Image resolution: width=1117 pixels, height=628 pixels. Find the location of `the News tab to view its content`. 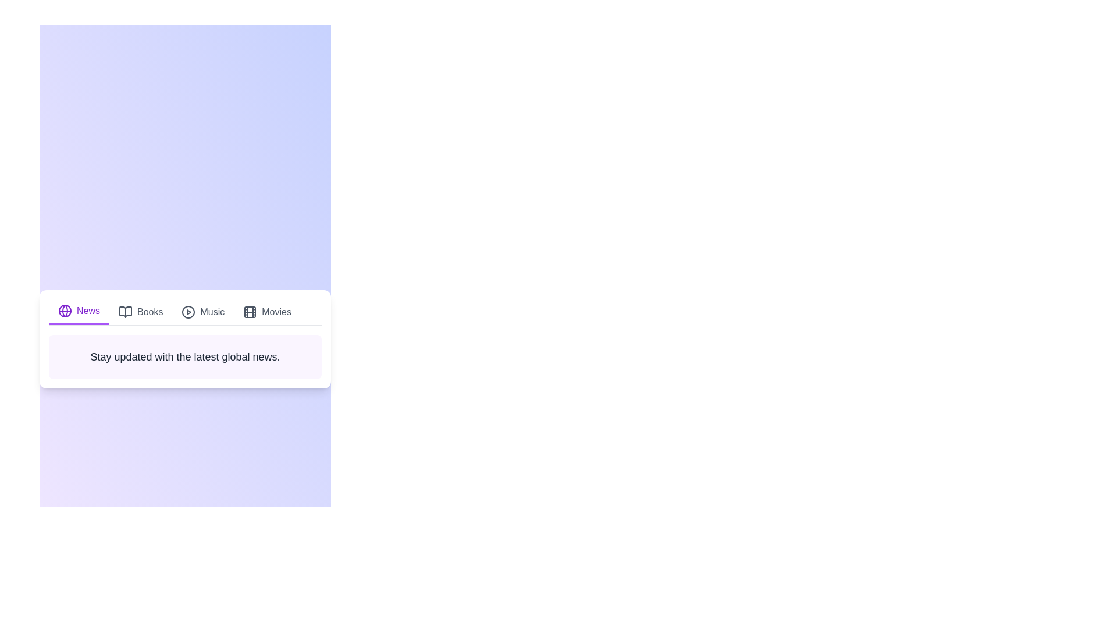

the News tab to view its content is located at coordinates (78, 311).